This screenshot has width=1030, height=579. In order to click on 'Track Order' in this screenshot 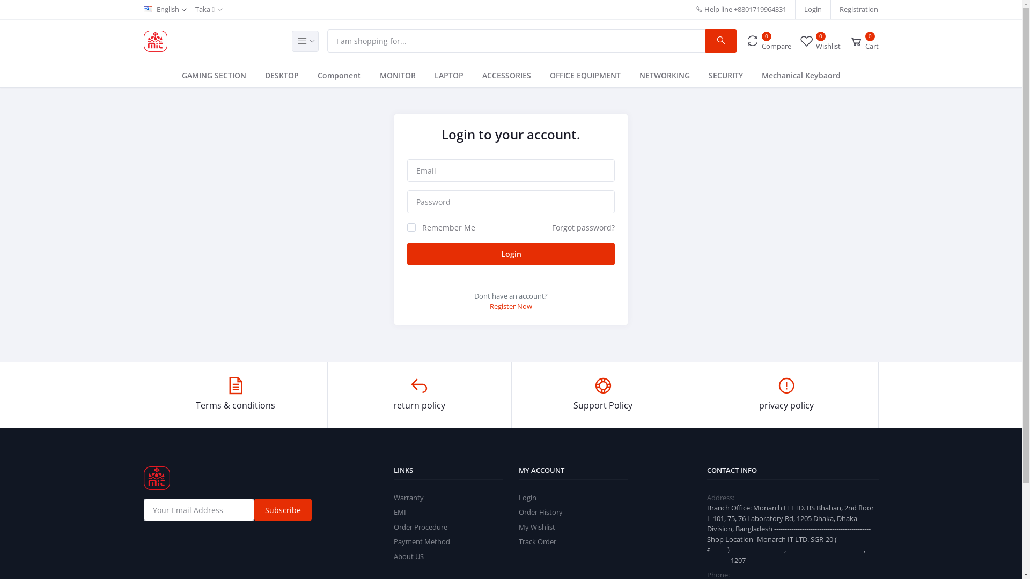, I will do `click(538, 541)`.